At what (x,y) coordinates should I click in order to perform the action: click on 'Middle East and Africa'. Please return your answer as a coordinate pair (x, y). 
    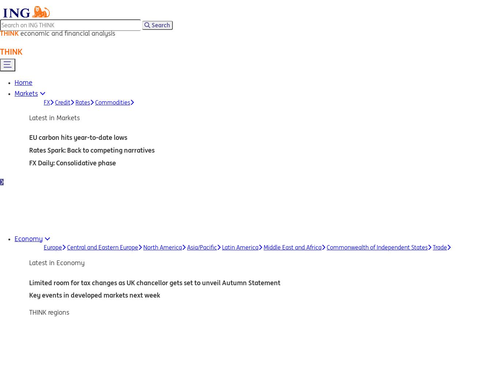
    Looking at the image, I should click on (292, 247).